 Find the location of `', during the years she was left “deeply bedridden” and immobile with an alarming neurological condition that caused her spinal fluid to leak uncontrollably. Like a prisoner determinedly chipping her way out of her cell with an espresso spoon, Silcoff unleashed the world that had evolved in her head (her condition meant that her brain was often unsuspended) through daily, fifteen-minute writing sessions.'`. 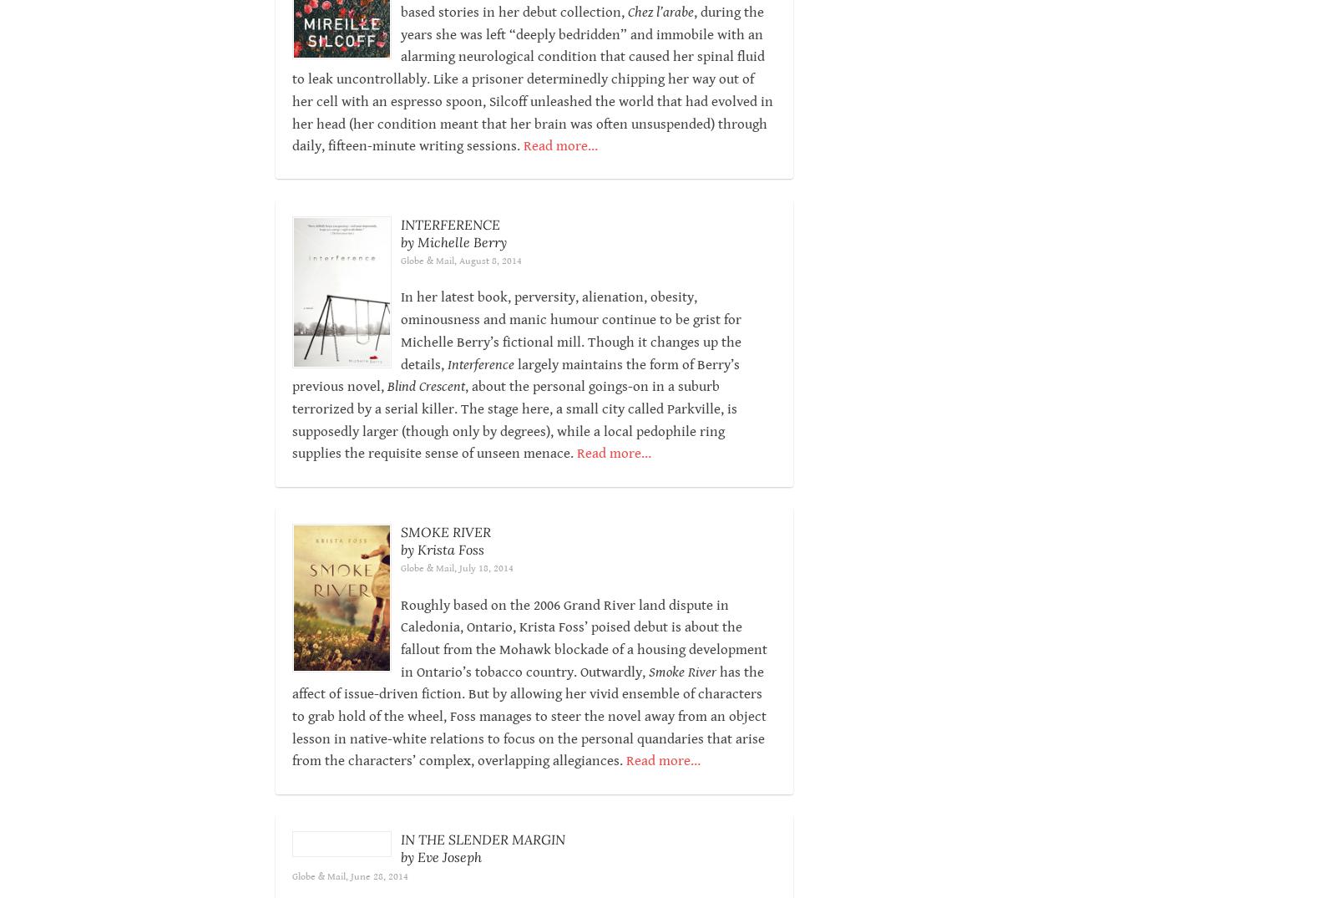

', during the years she was left “deeply bedridden” and immobile with an alarming neurological condition that caused her spinal fluid to leak uncontrollably. Like a prisoner determinedly chipping her way out of her cell with an espresso spoon, Silcoff unleashed the world that had evolved in her head (her condition meant that her brain was often unsuspended) through daily, fifteen-minute writing sessions.' is located at coordinates (532, 100).